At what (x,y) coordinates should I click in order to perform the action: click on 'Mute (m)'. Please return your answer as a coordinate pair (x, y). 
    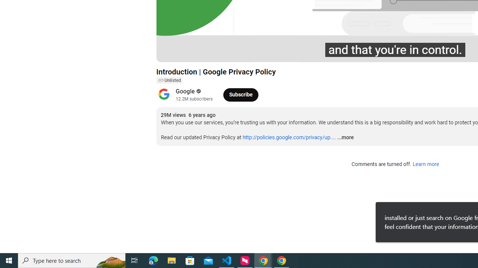
    Looking at the image, I should click on (205, 52).